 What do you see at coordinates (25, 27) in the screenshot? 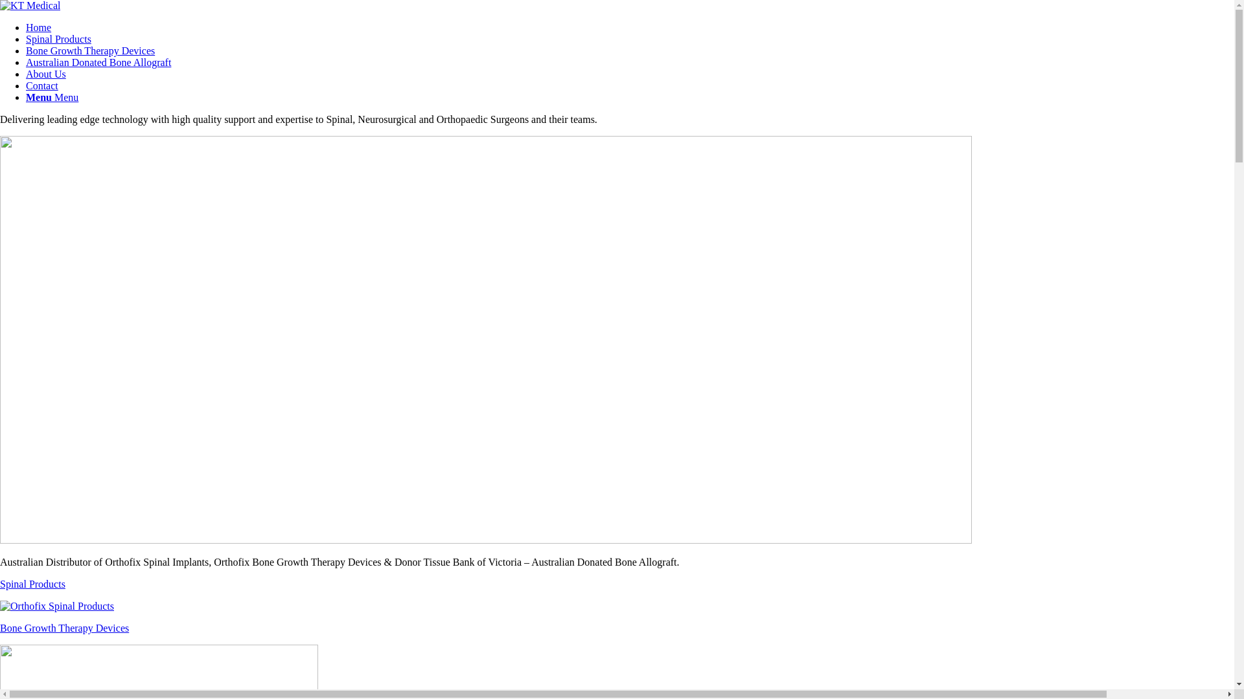
I see `'Home'` at bounding box center [25, 27].